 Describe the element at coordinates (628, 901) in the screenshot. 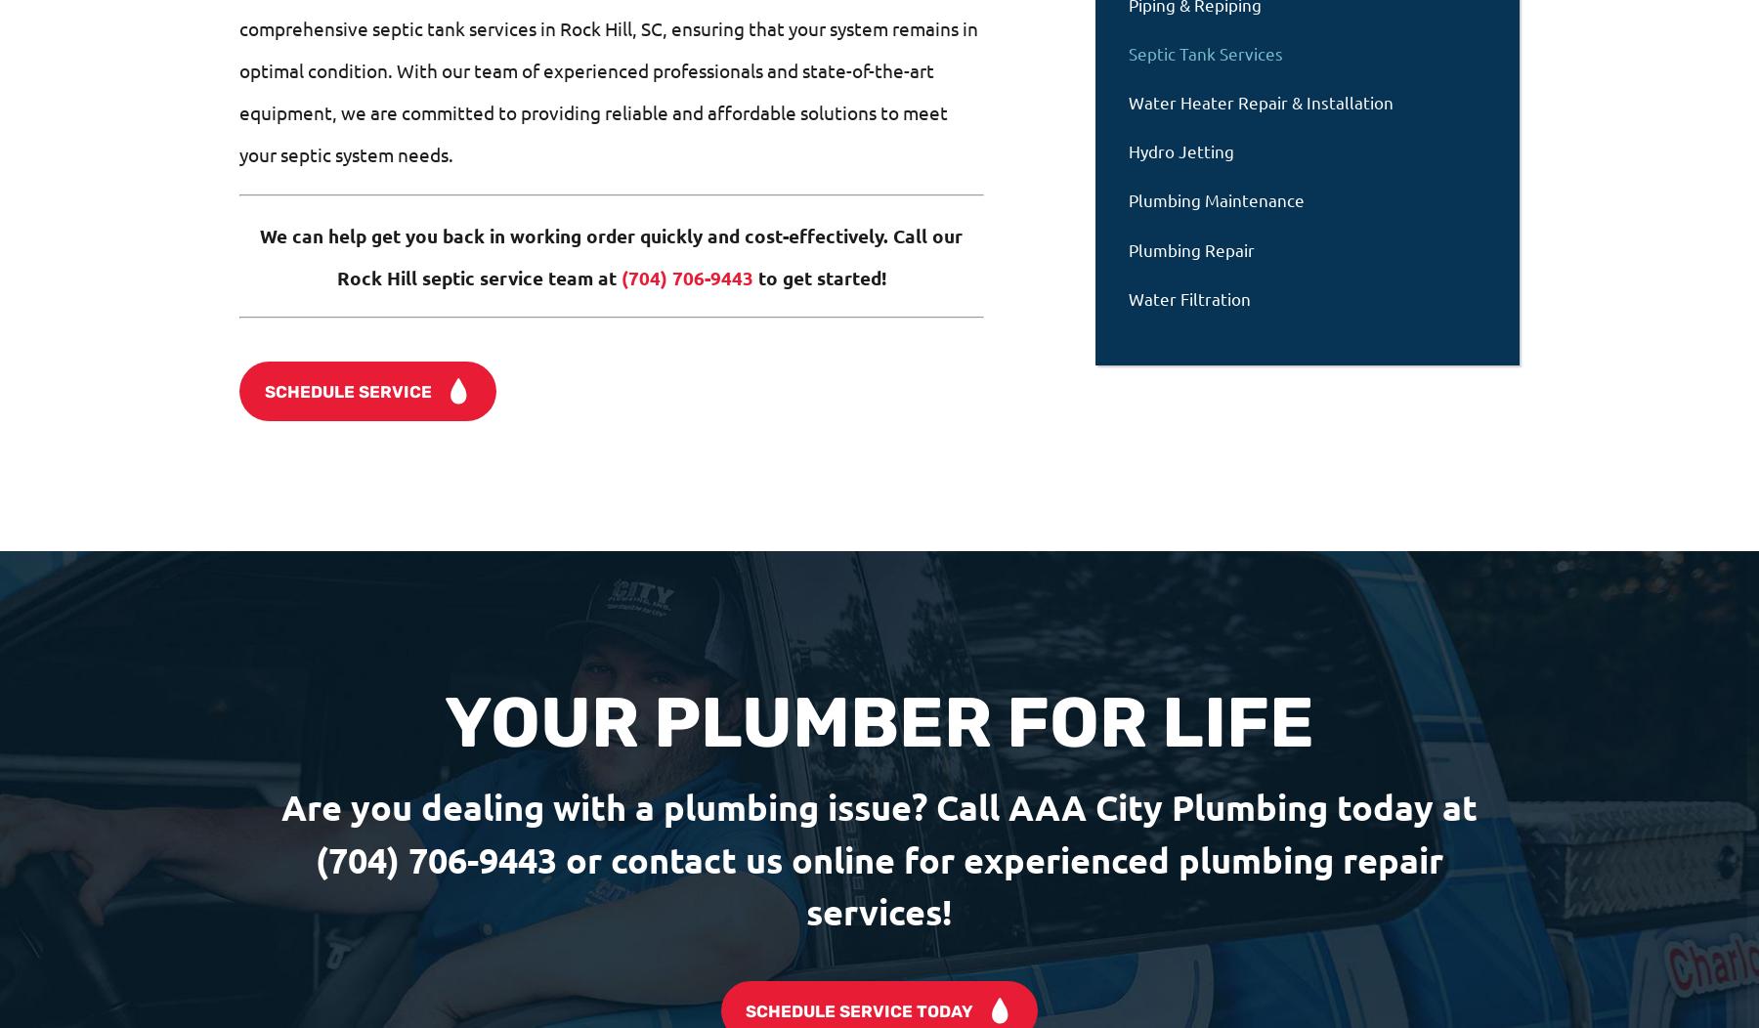

I see `'Plumbing Services'` at that location.